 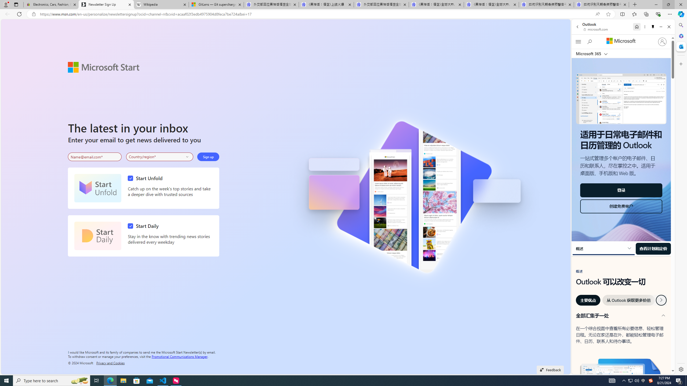 What do you see at coordinates (680, 14) in the screenshot?
I see `'Copilot (Ctrl+Shift+.)'` at bounding box center [680, 14].